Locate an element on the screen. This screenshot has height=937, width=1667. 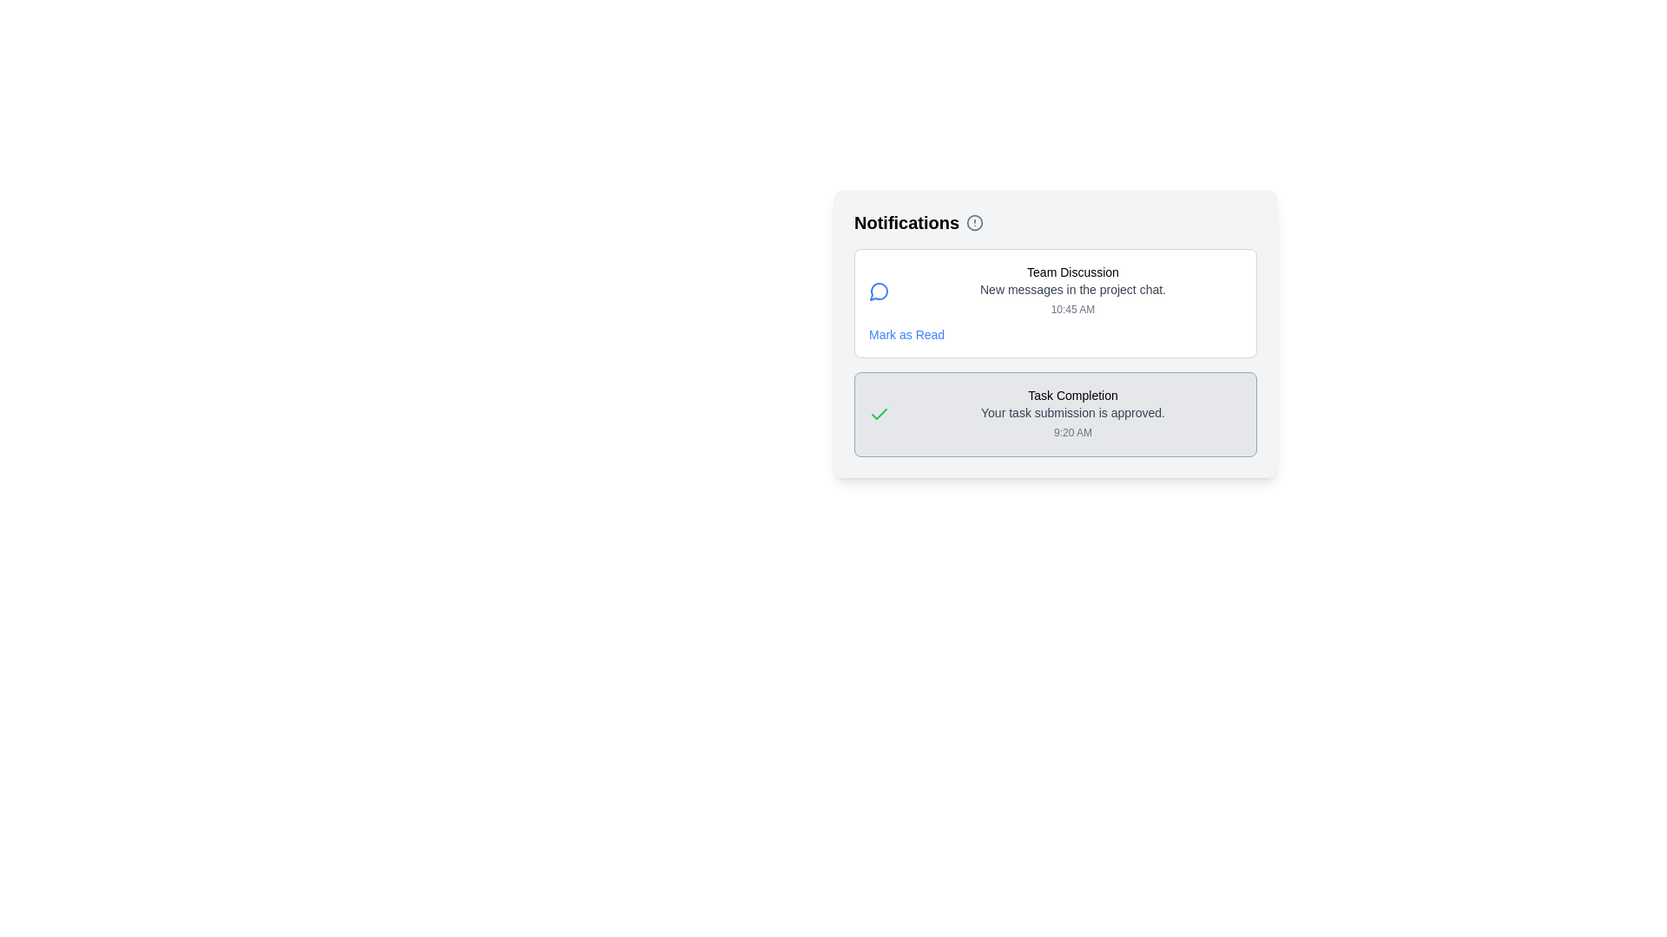
the second notification card in the notifications panel that informs the user about the approval of their task submission is located at coordinates (1054, 415).